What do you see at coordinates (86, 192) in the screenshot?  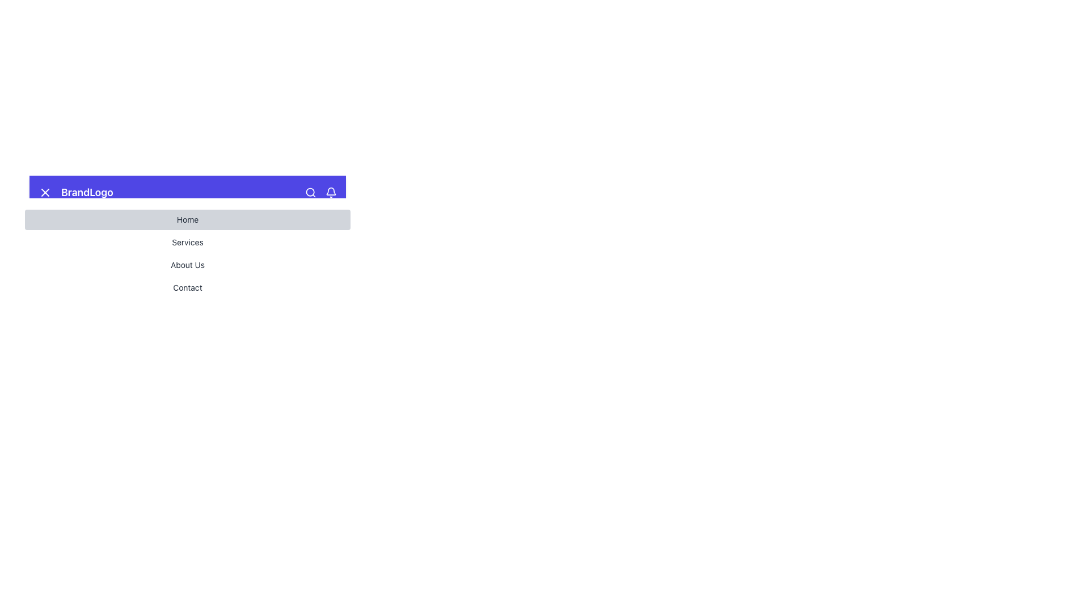 I see `the static text displaying 'BrandLogo' in bold white font, located within the purple header bar, situated centrally in the left half of the header` at bounding box center [86, 192].